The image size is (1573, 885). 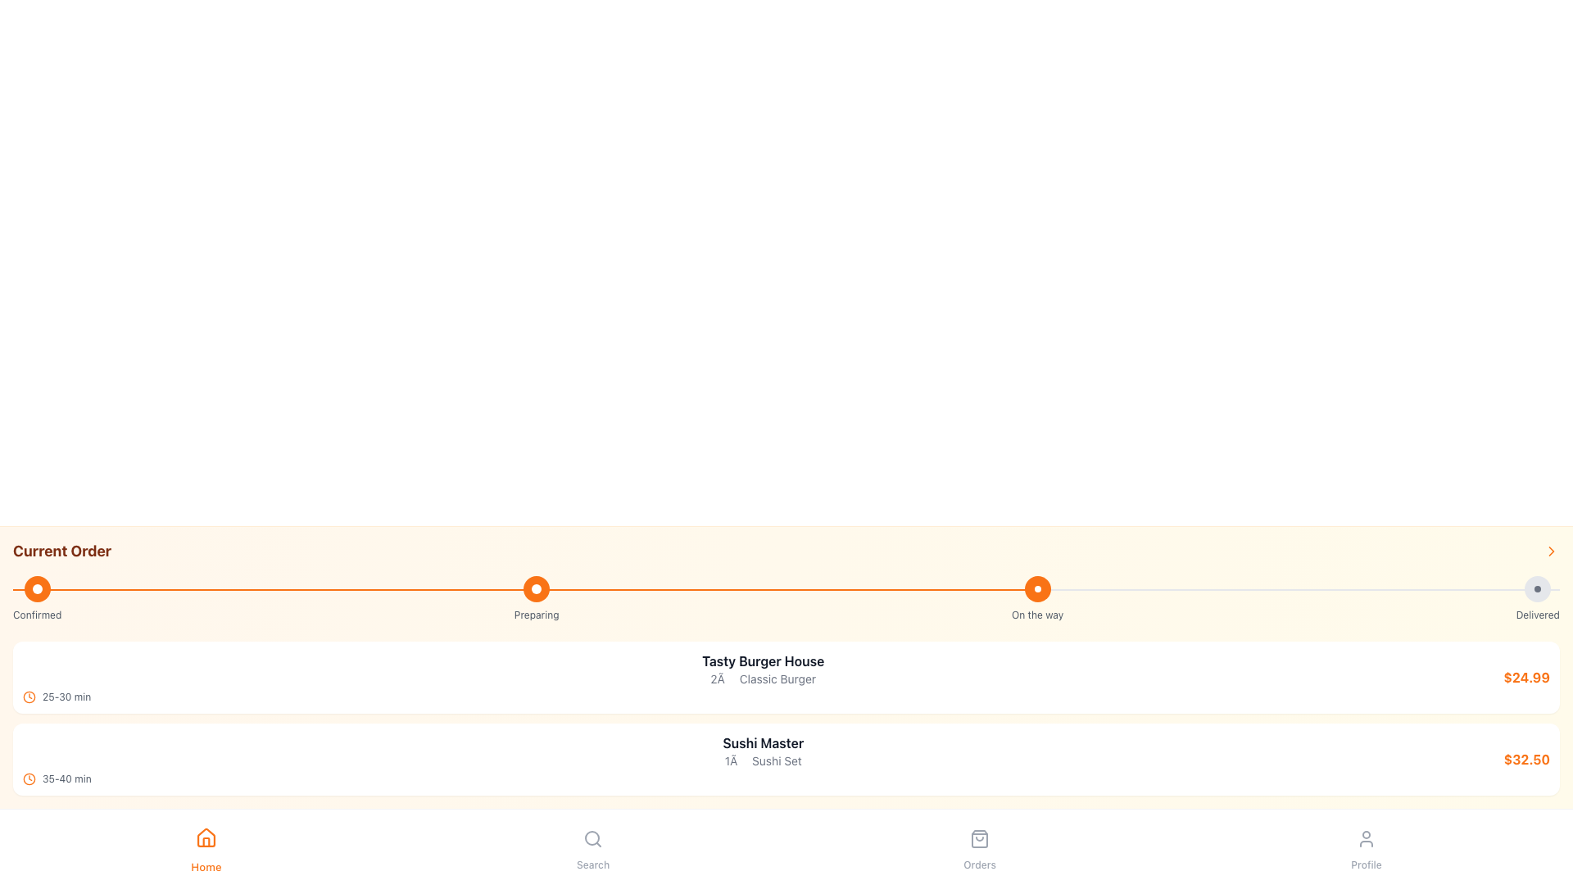 What do you see at coordinates (537, 588) in the screenshot?
I see `the Circular progress step indicator that represents the 'Preparing' stage in the multi-step progress indicator` at bounding box center [537, 588].